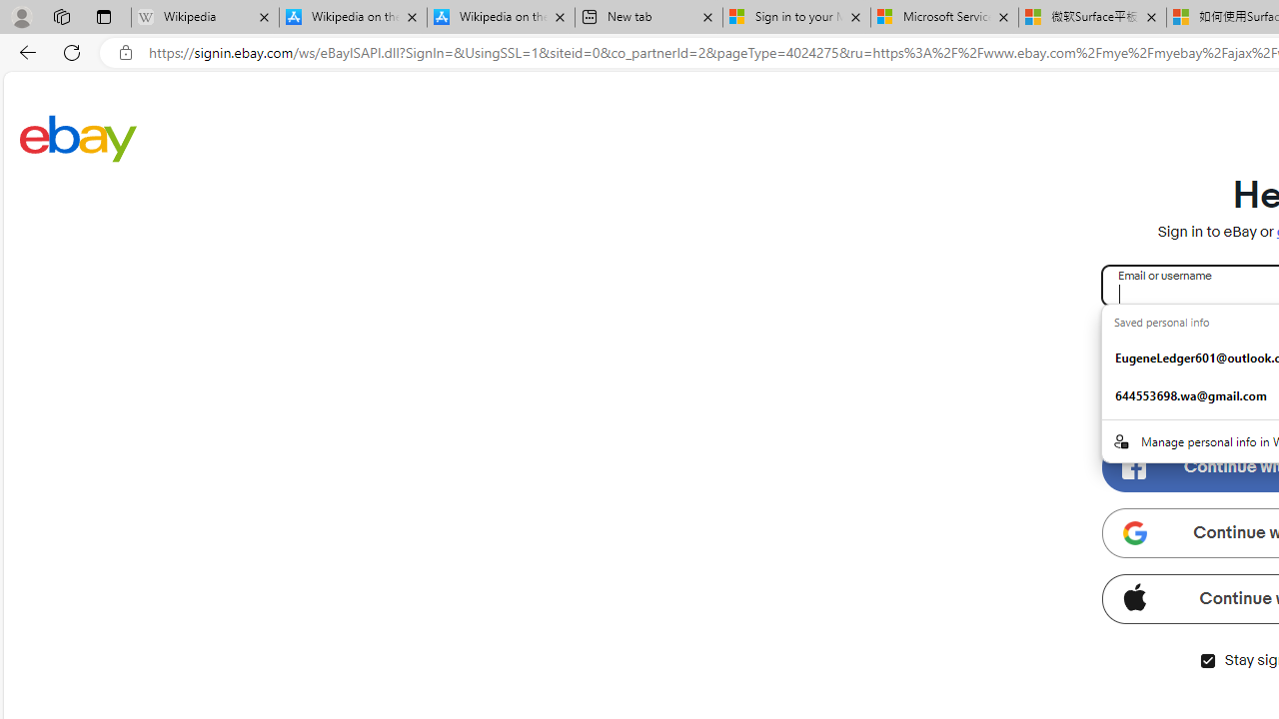 The image size is (1279, 719). I want to click on 'Stay signed in', so click(1206, 660).